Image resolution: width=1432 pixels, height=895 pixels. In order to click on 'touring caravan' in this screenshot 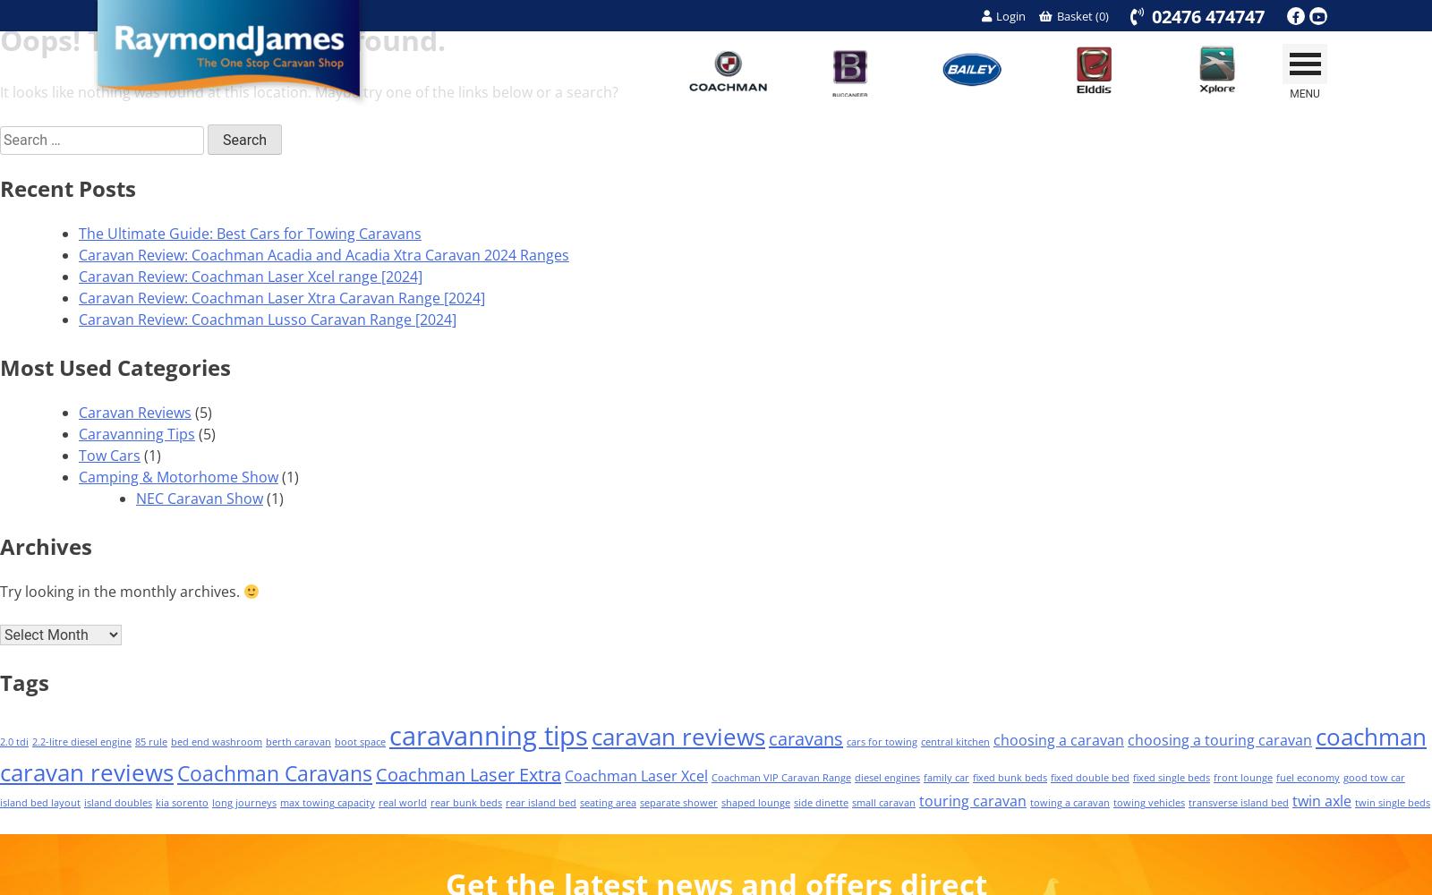, I will do `click(973, 801)`.